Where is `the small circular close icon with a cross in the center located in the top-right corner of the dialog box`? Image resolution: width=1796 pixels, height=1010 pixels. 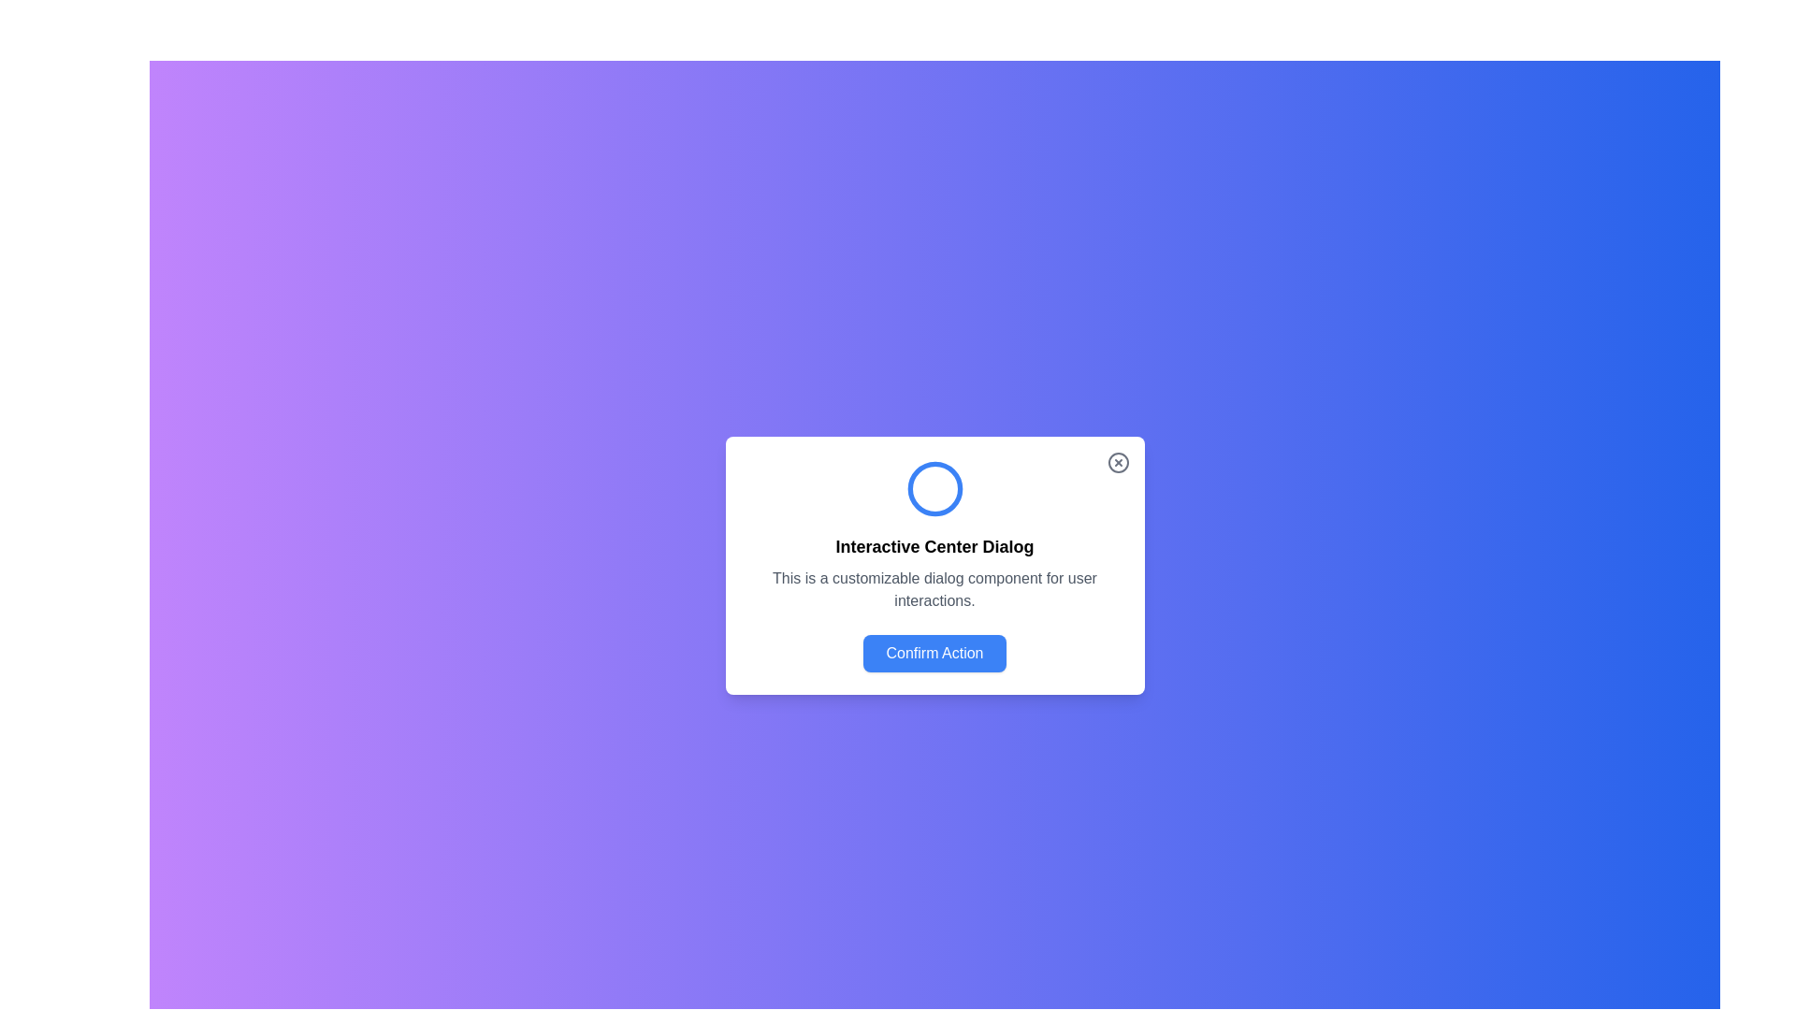
the small circular close icon with a cross in the center located in the top-right corner of the dialog box is located at coordinates (1118, 462).